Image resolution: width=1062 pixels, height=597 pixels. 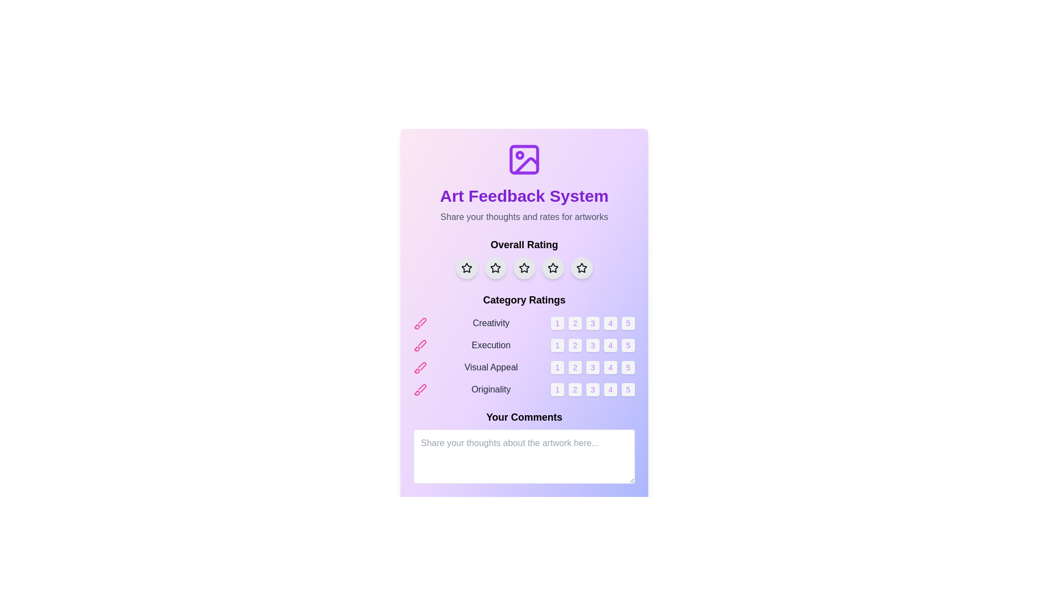 I want to click on the circular button displaying the number '2' with a light gray background to change its background color, so click(x=575, y=367).